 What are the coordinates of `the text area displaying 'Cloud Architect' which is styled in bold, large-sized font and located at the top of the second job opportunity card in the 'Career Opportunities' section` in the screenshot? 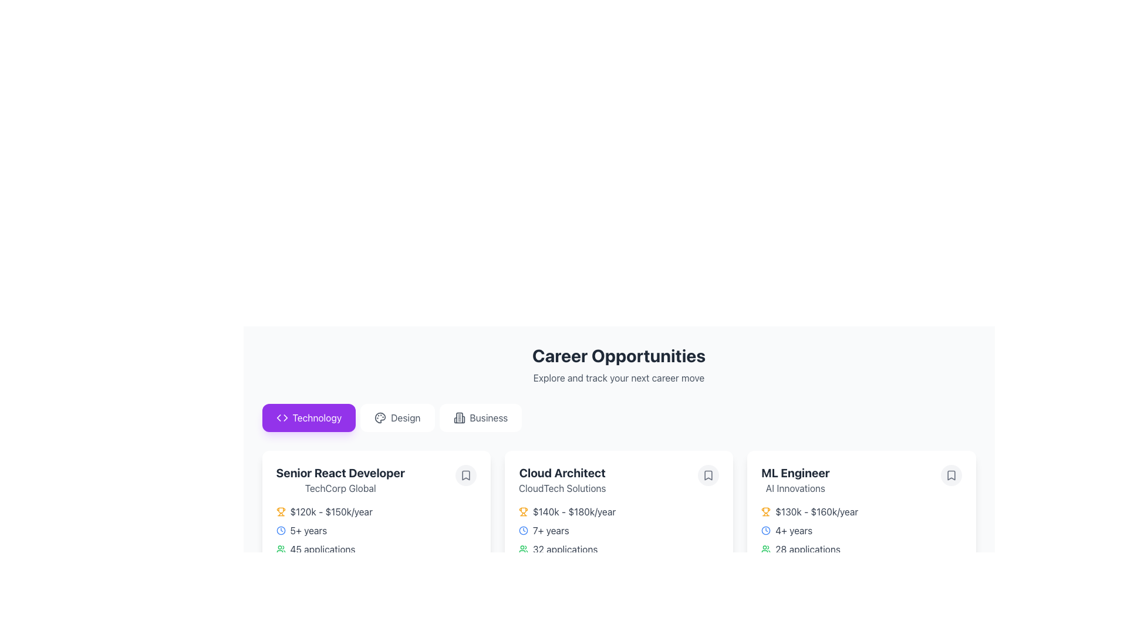 It's located at (562, 473).